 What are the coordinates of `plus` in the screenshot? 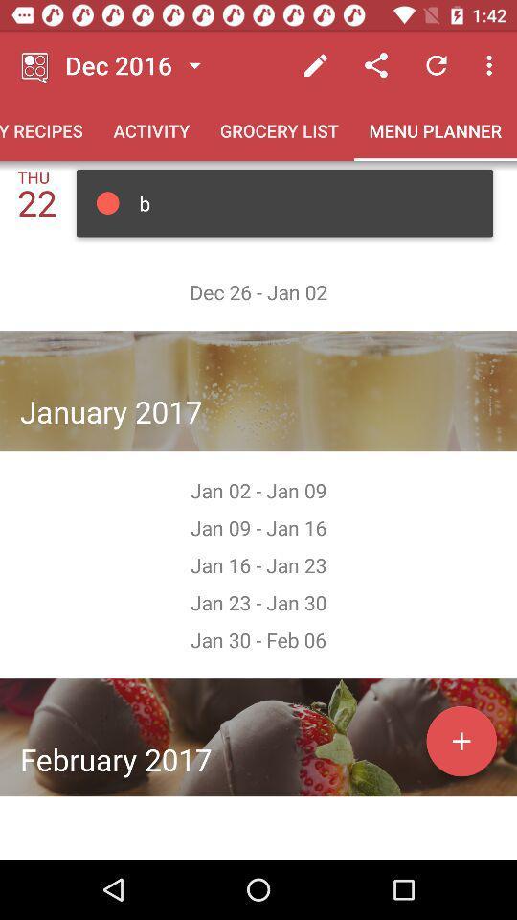 It's located at (461, 740).